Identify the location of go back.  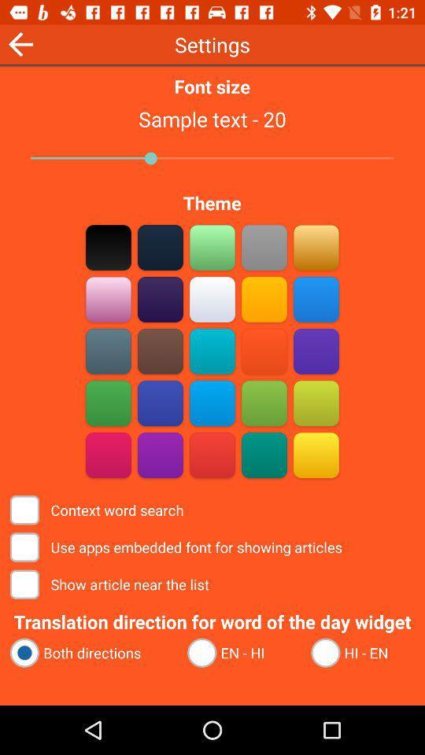
(20, 43).